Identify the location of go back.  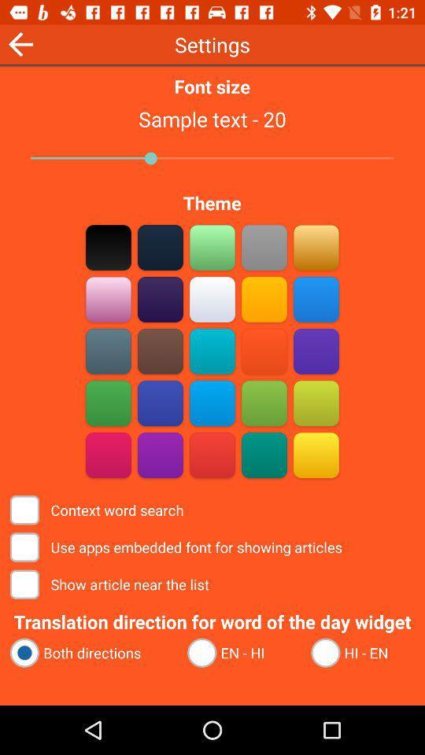
(20, 43).